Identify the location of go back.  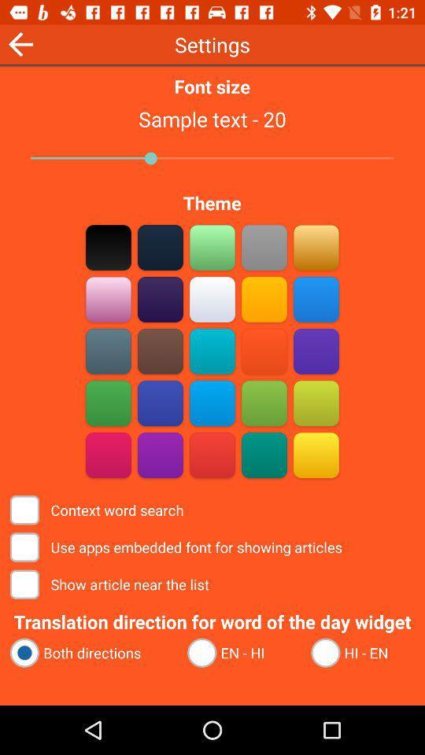
(20, 43).